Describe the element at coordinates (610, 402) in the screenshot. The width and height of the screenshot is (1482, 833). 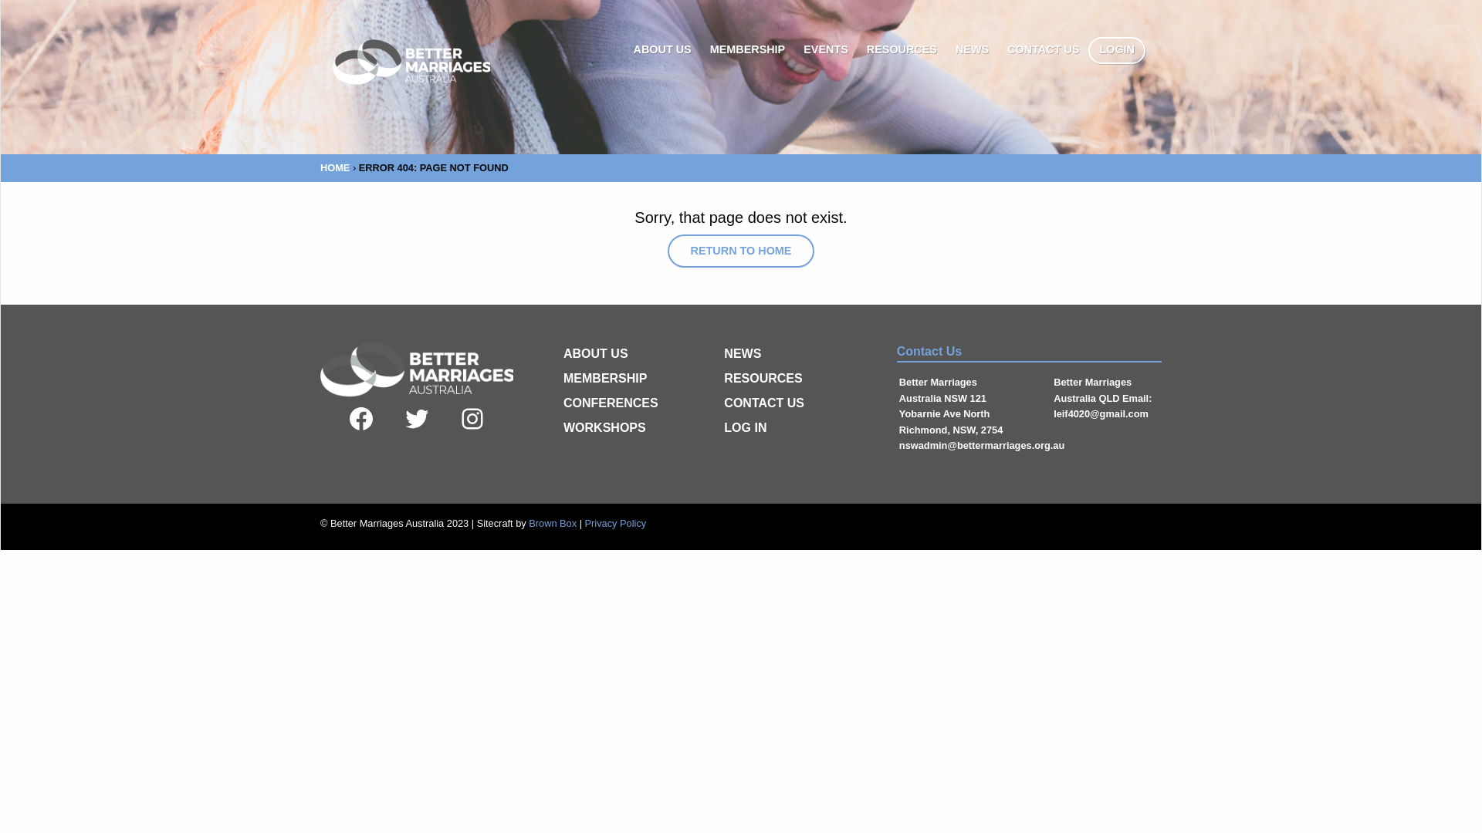
I see `'CONFERENCES'` at that location.